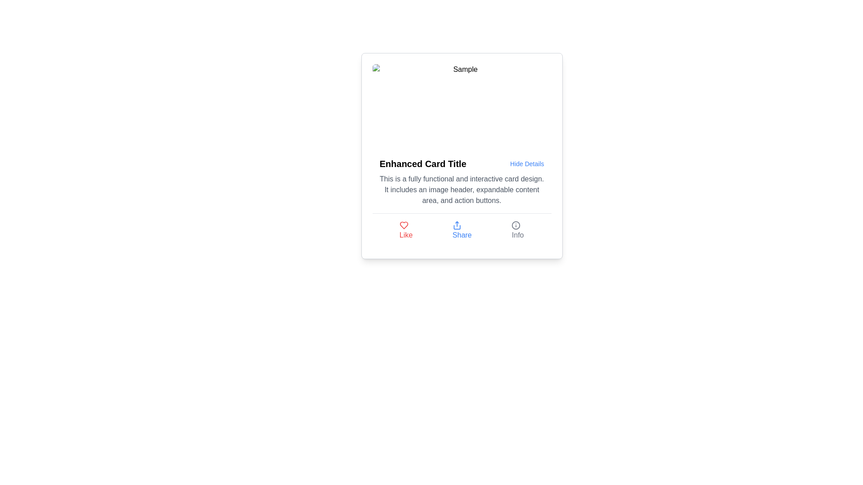  What do you see at coordinates (462, 190) in the screenshot?
I see `descriptive text provided in the Text Block located below the title 'Enhanced Card Title' and to the left of the 'Hide Details' link` at bounding box center [462, 190].